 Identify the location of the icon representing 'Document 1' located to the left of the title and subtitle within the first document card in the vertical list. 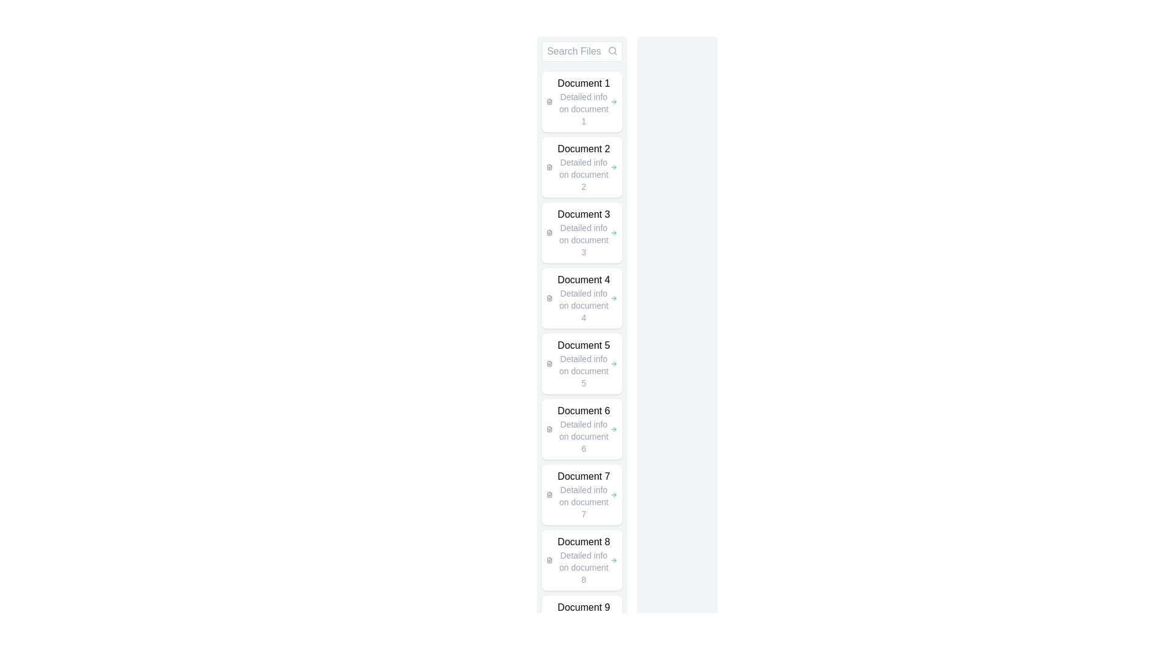
(548, 101).